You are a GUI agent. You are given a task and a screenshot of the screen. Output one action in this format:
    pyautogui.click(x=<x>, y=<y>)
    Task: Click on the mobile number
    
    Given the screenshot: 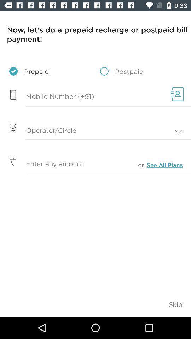 What is the action you would take?
    pyautogui.click(x=83, y=96)
    